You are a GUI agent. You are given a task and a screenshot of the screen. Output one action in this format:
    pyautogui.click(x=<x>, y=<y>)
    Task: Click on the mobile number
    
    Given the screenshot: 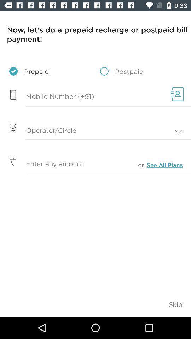 What is the action you would take?
    pyautogui.click(x=83, y=96)
    